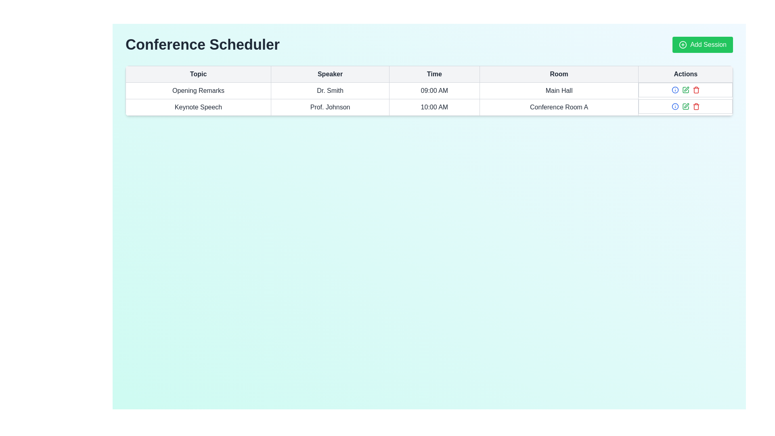 This screenshot has width=775, height=436. What do you see at coordinates (675, 106) in the screenshot?
I see `the outlined circle icon with a white center and blue border located in the 'Actions' column of the first row of the table` at bounding box center [675, 106].